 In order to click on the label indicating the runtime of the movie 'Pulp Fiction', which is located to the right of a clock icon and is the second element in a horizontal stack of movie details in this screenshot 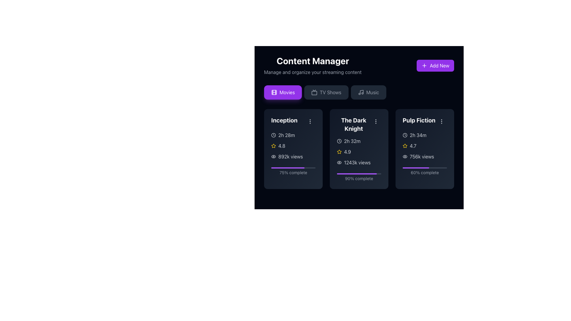, I will do `click(418, 135)`.